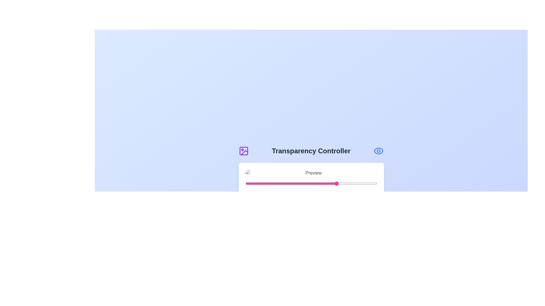  What do you see at coordinates (298, 184) in the screenshot?
I see `the transparency slider to 40%` at bounding box center [298, 184].